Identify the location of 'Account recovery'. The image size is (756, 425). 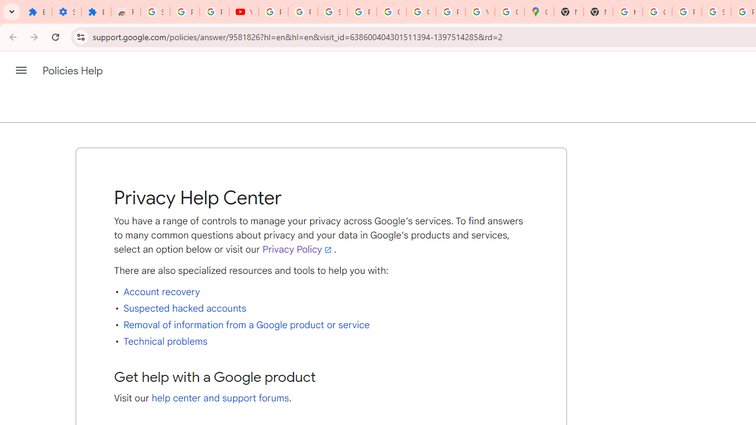
(161, 292).